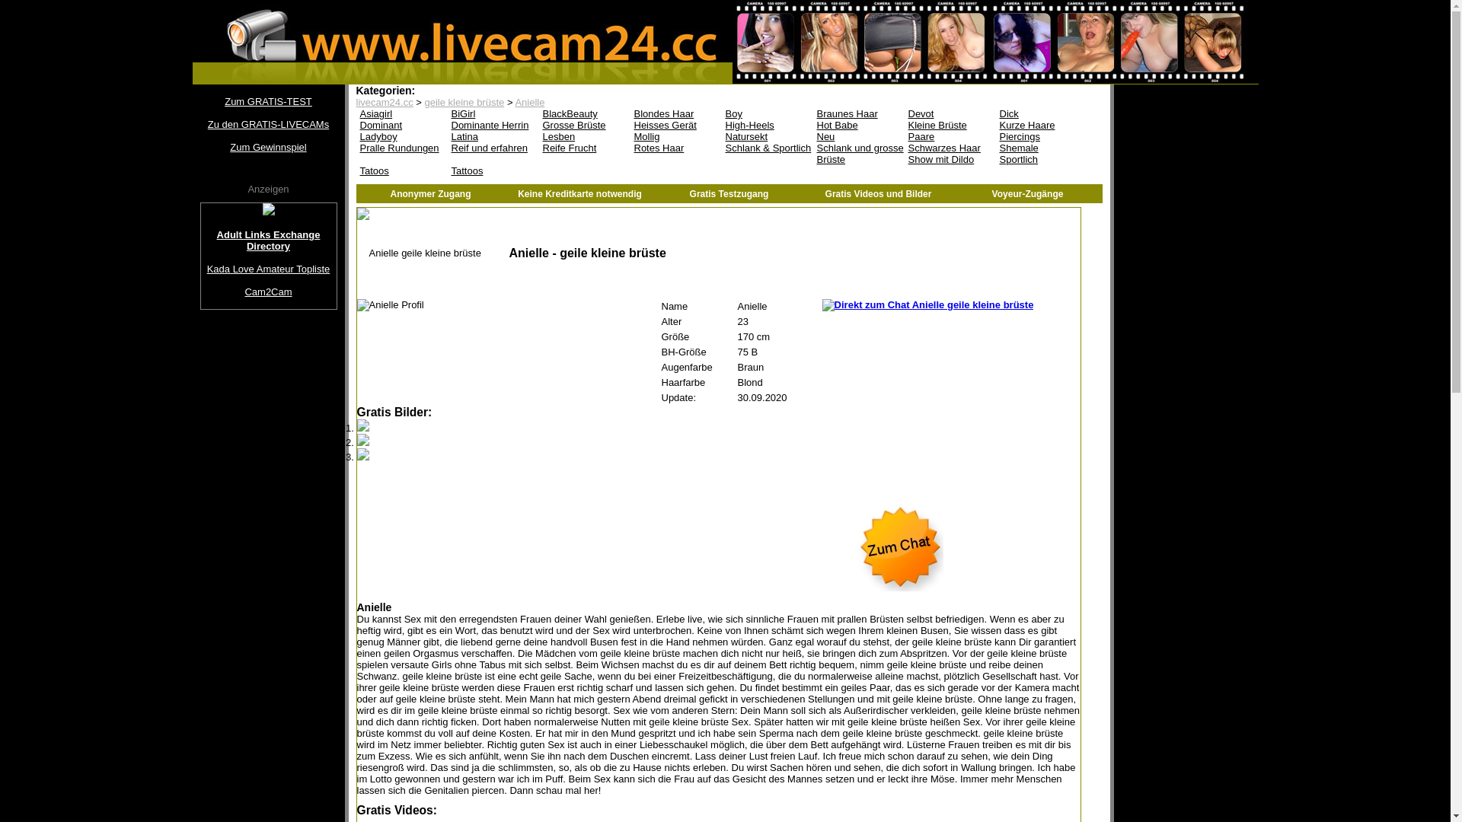  Describe the element at coordinates (402, 148) in the screenshot. I see `'Pralle Rundungen'` at that location.